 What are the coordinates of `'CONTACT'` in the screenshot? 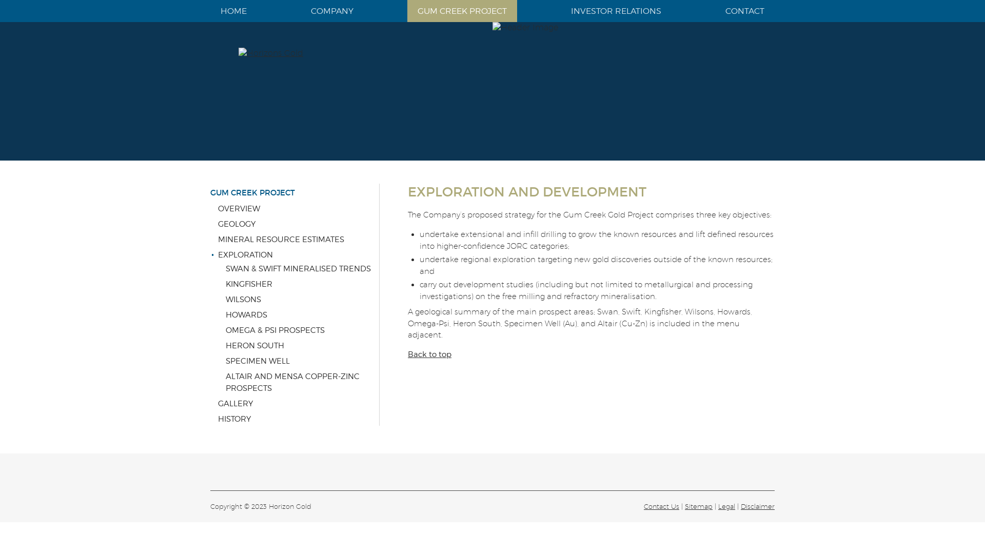 It's located at (745, 11).